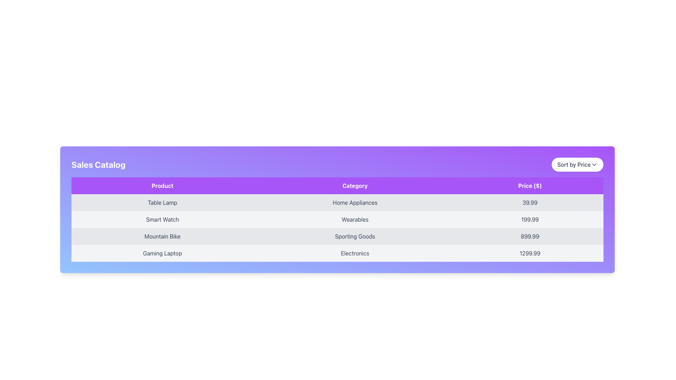  Describe the element at coordinates (530, 202) in the screenshot. I see `the text label displaying the price of the 'Table Lamp' located in the rightmost column under the 'Price ($)' header` at that location.